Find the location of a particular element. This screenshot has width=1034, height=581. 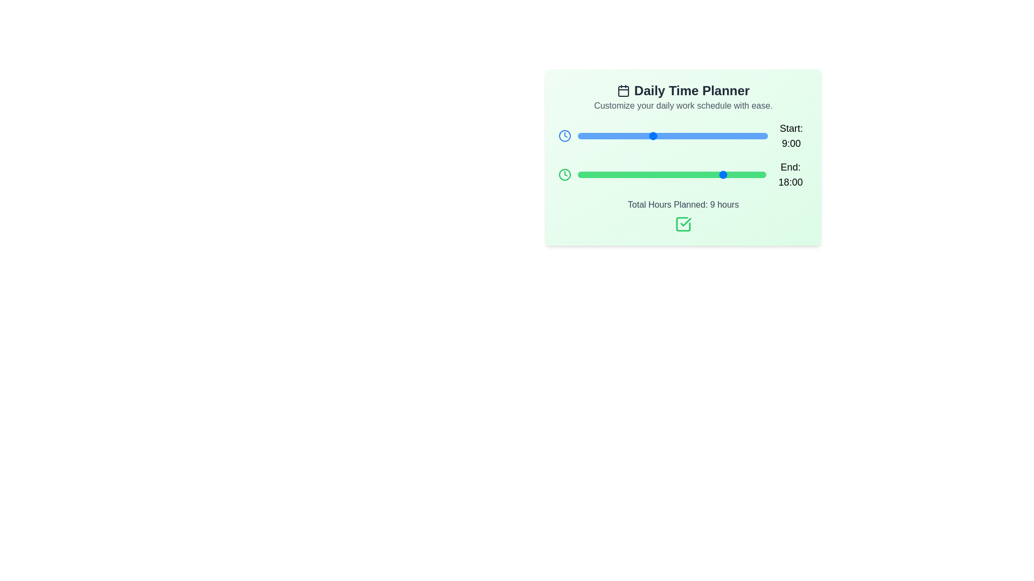

the 'Start' slider to set the start time to 5 is located at coordinates (619, 136).